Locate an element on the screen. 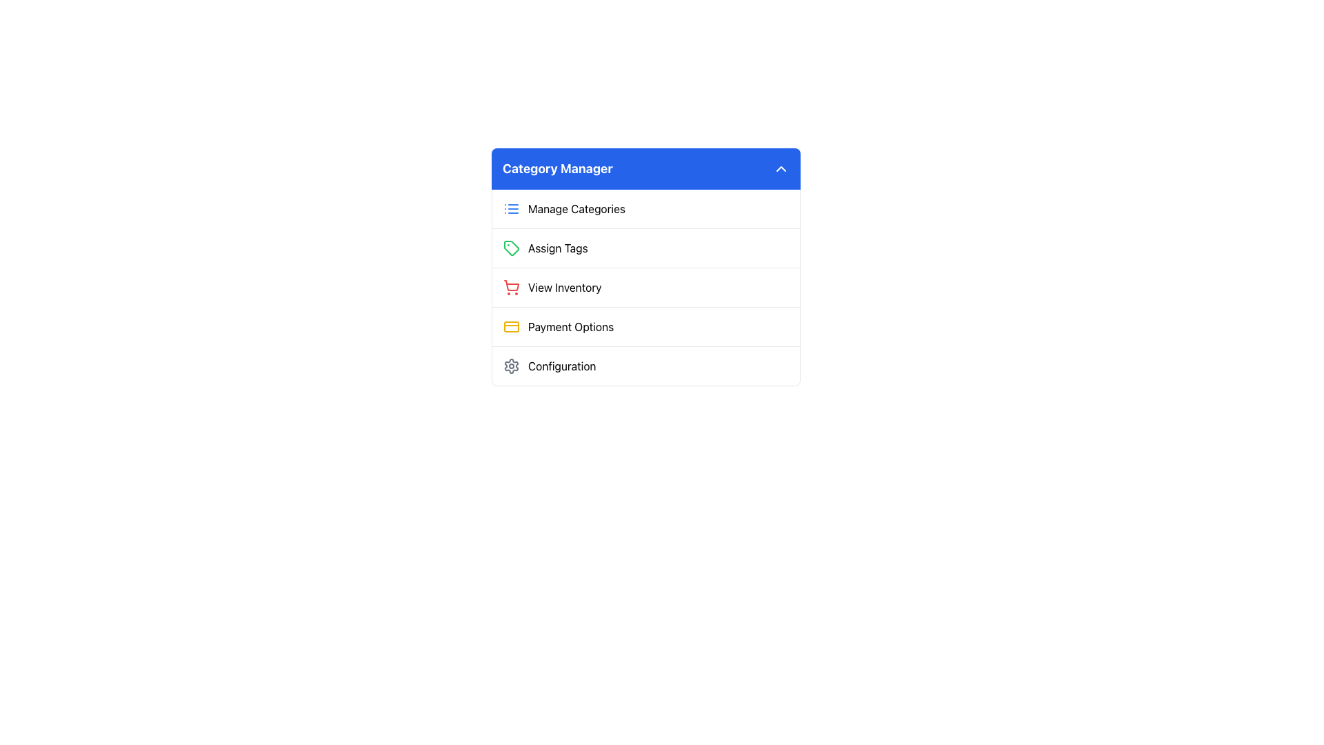  the 'Configuration' icon located near the bottom of the 'Category Manager' menu is located at coordinates (511, 366).